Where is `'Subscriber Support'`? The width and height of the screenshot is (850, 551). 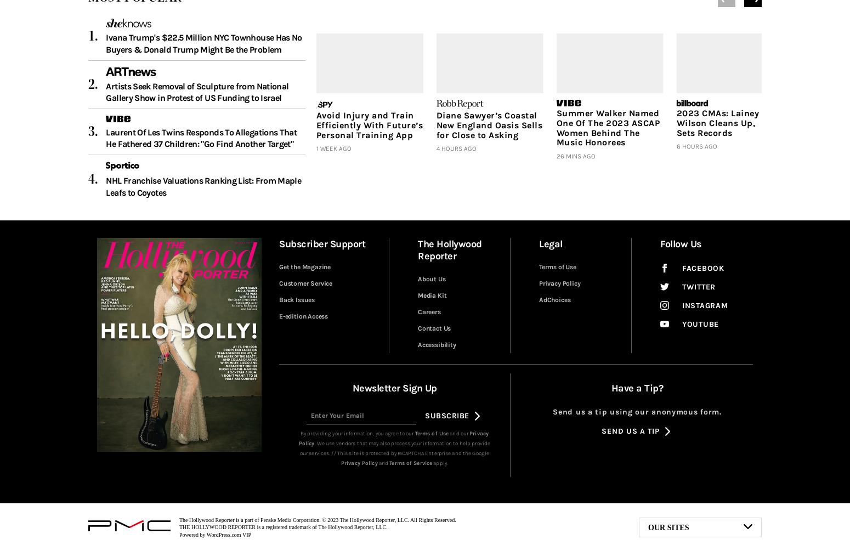 'Subscriber Support' is located at coordinates (322, 244).